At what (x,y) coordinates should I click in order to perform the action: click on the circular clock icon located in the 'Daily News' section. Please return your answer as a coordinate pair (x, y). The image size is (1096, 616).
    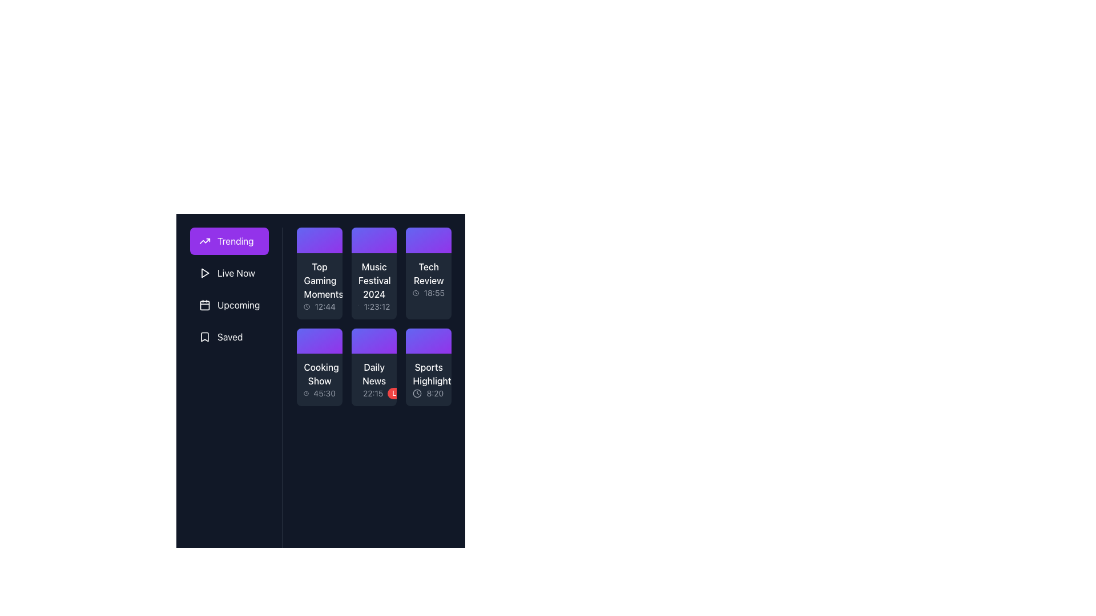
    Looking at the image, I should click on (364, 395).